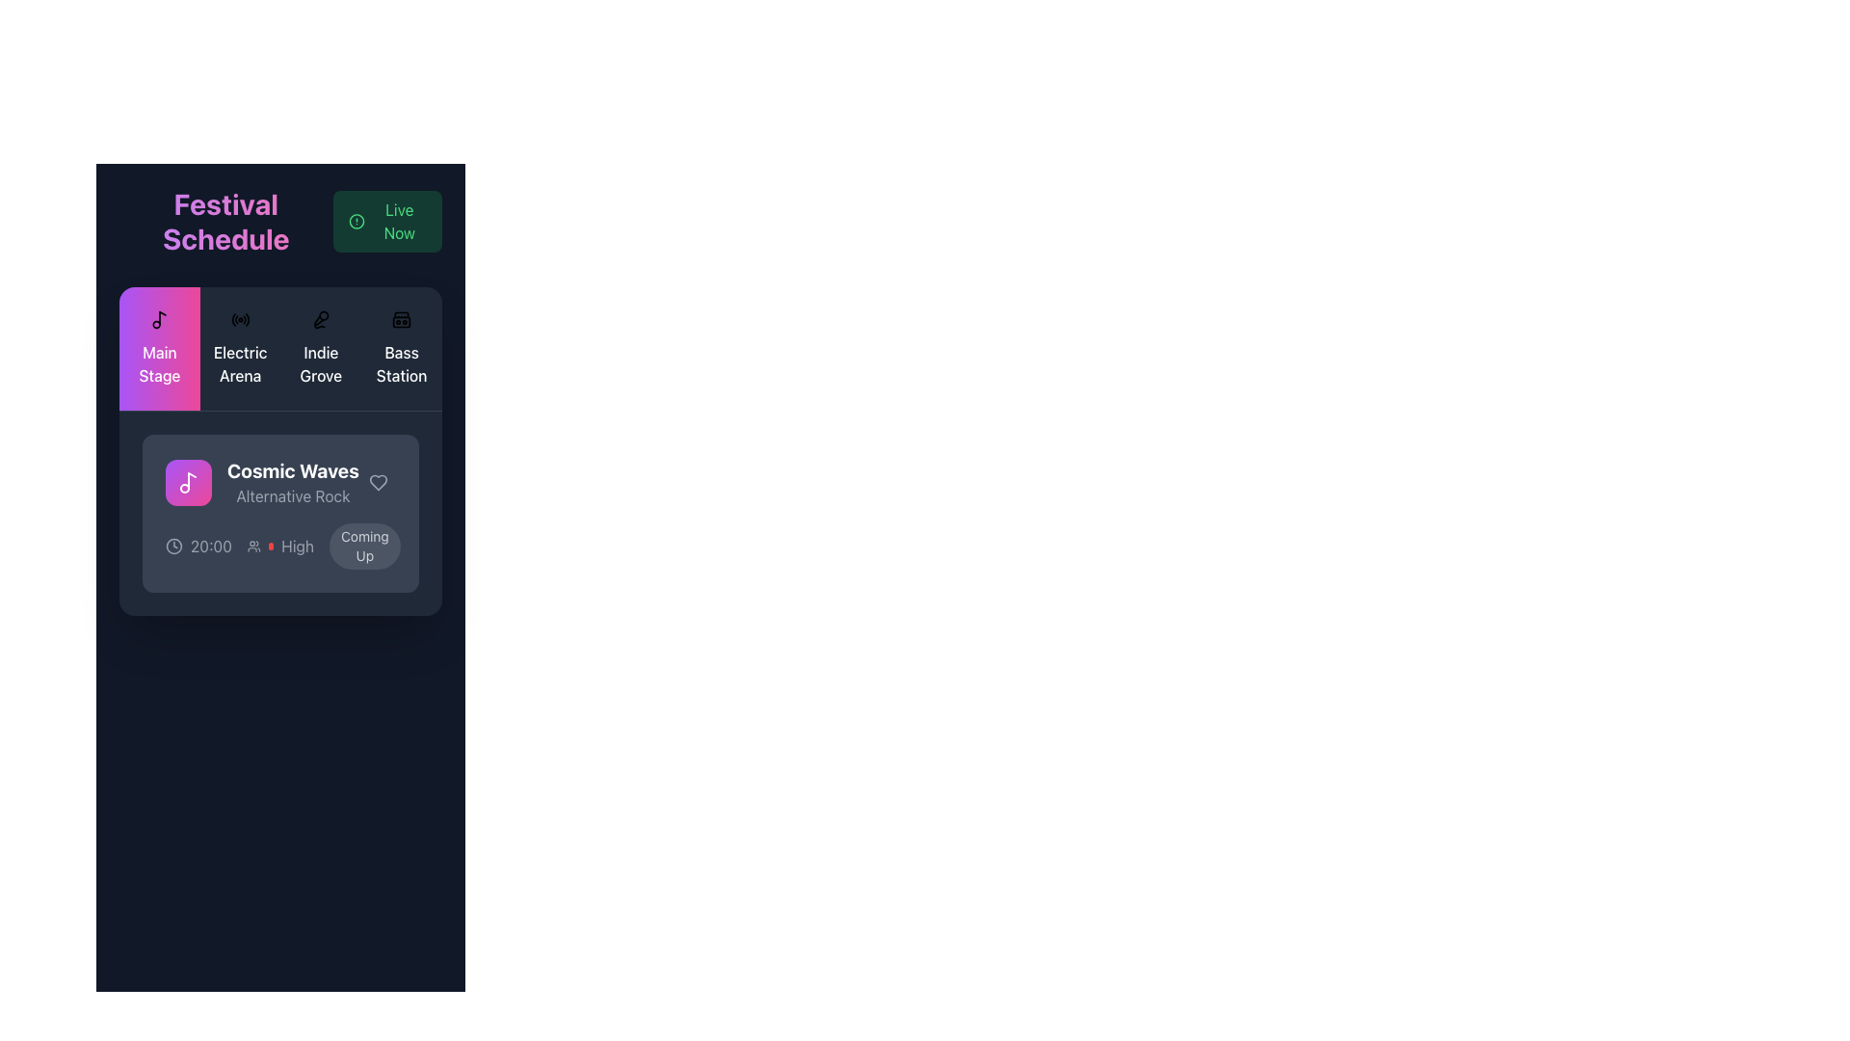 The width and height of the screenshot is (1850, 1041). Describe the element at coordinates (292, 495) in the screenshot. I see `the static text label styled in gray with the content 'Alternative Rock', located below 'Cosmic Waves' in the 'Main Stage' section of the card interface` at that location.